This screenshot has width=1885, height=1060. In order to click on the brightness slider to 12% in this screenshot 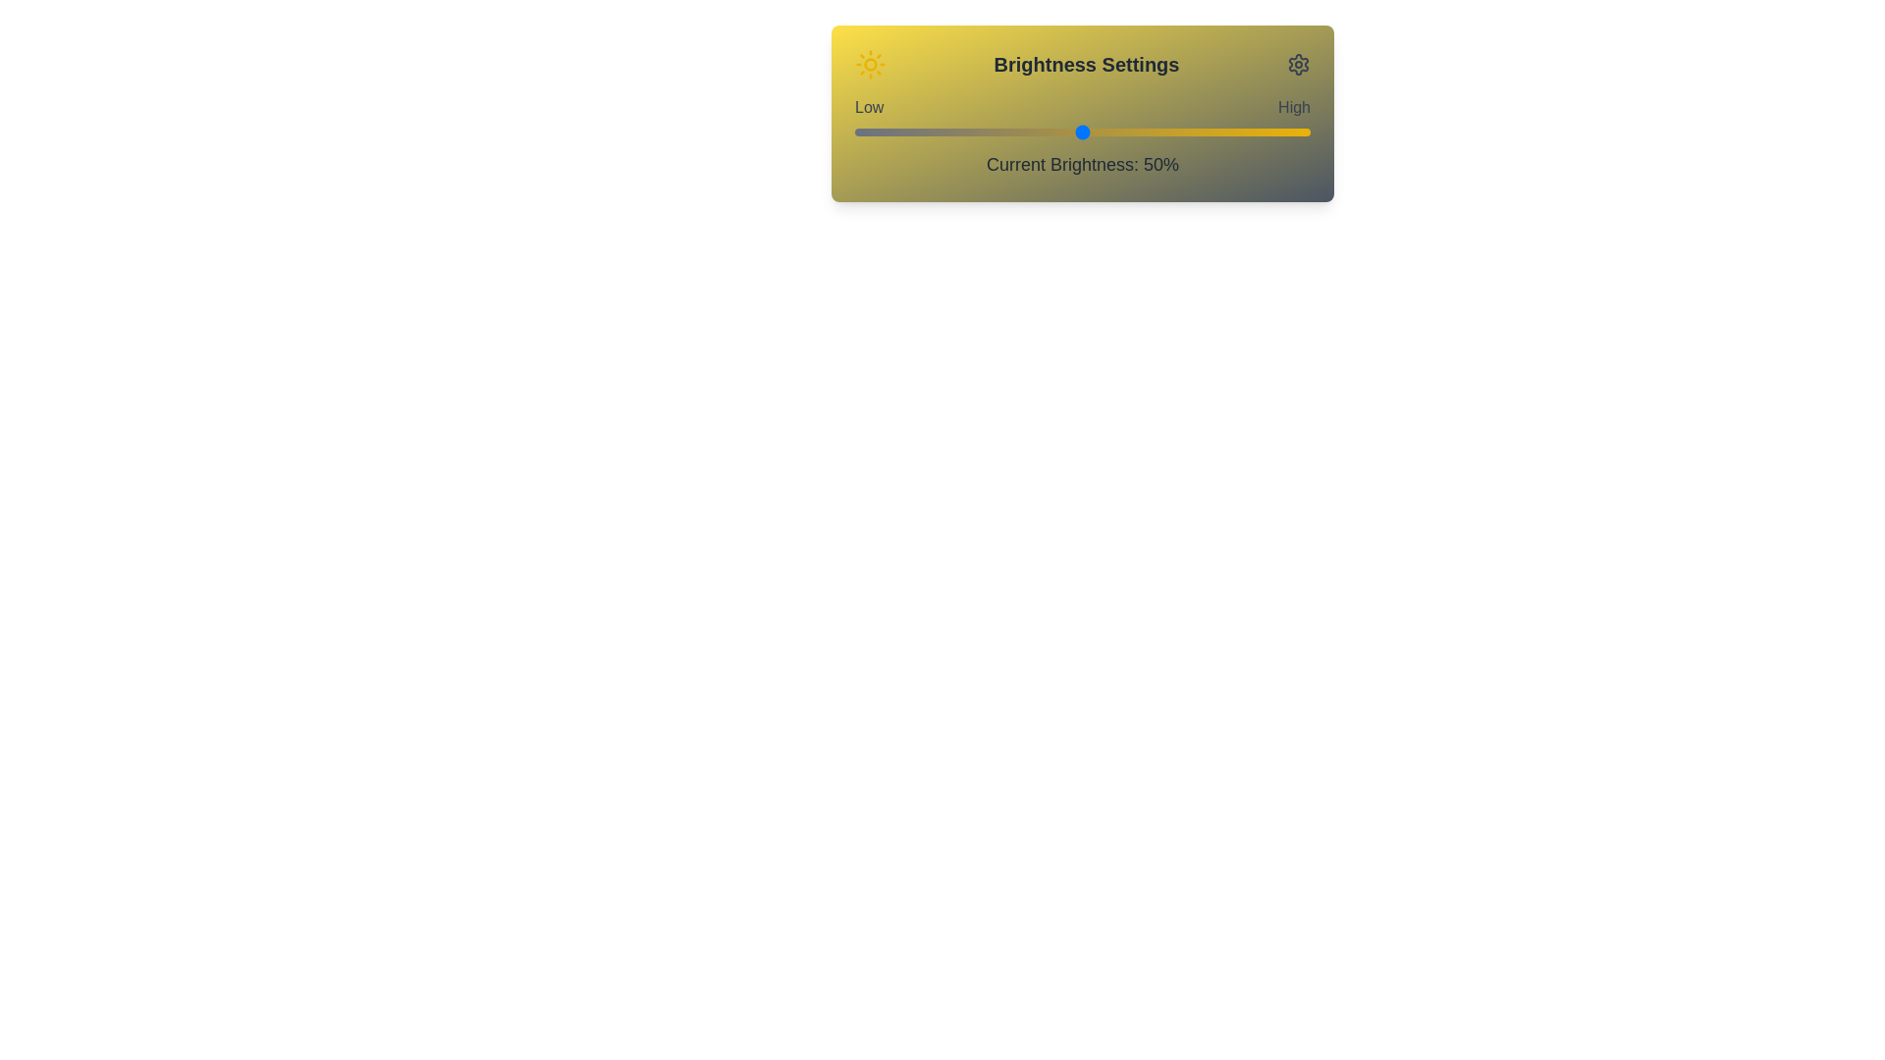, I will do `click(908, 132)`.